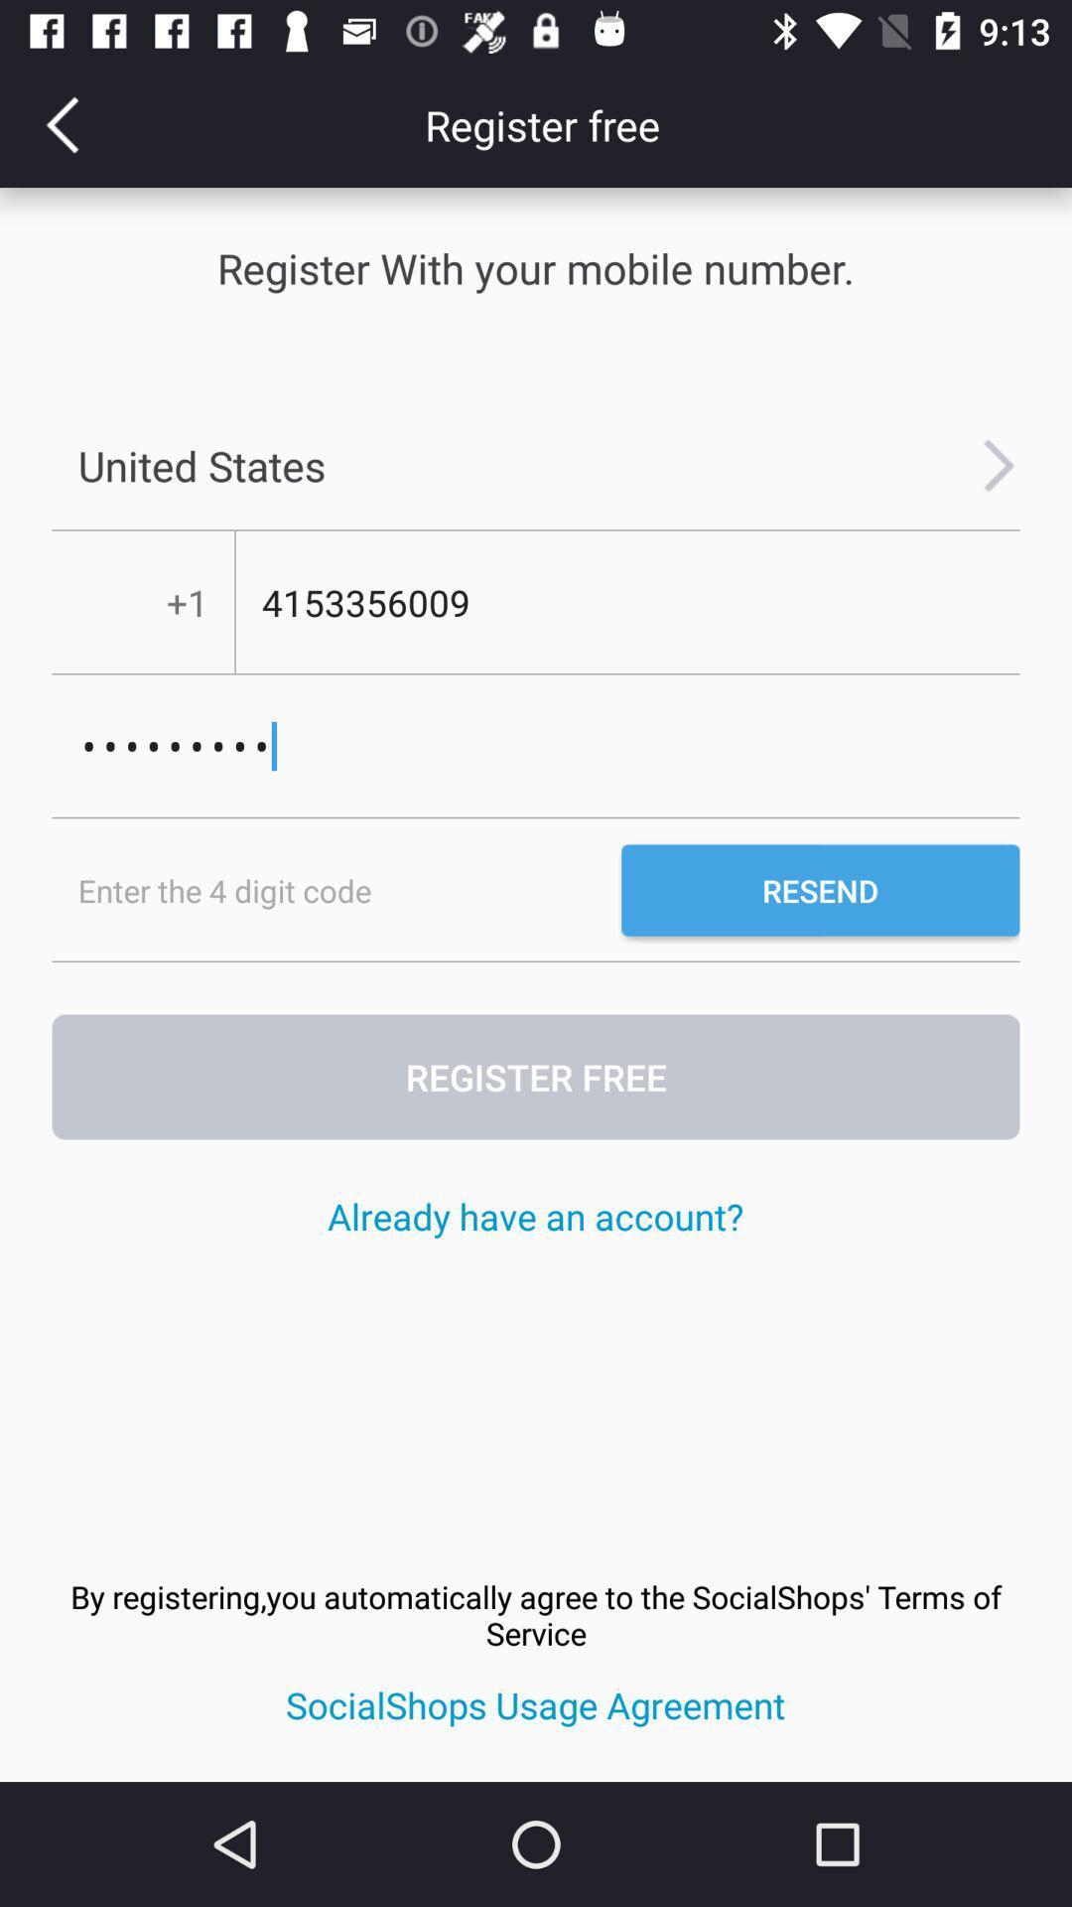 This screenshot has width=1072, height=1907. Describe the element at coordinates (627, 602) in the screenshot. I see `the number which is below the united states` at that location.